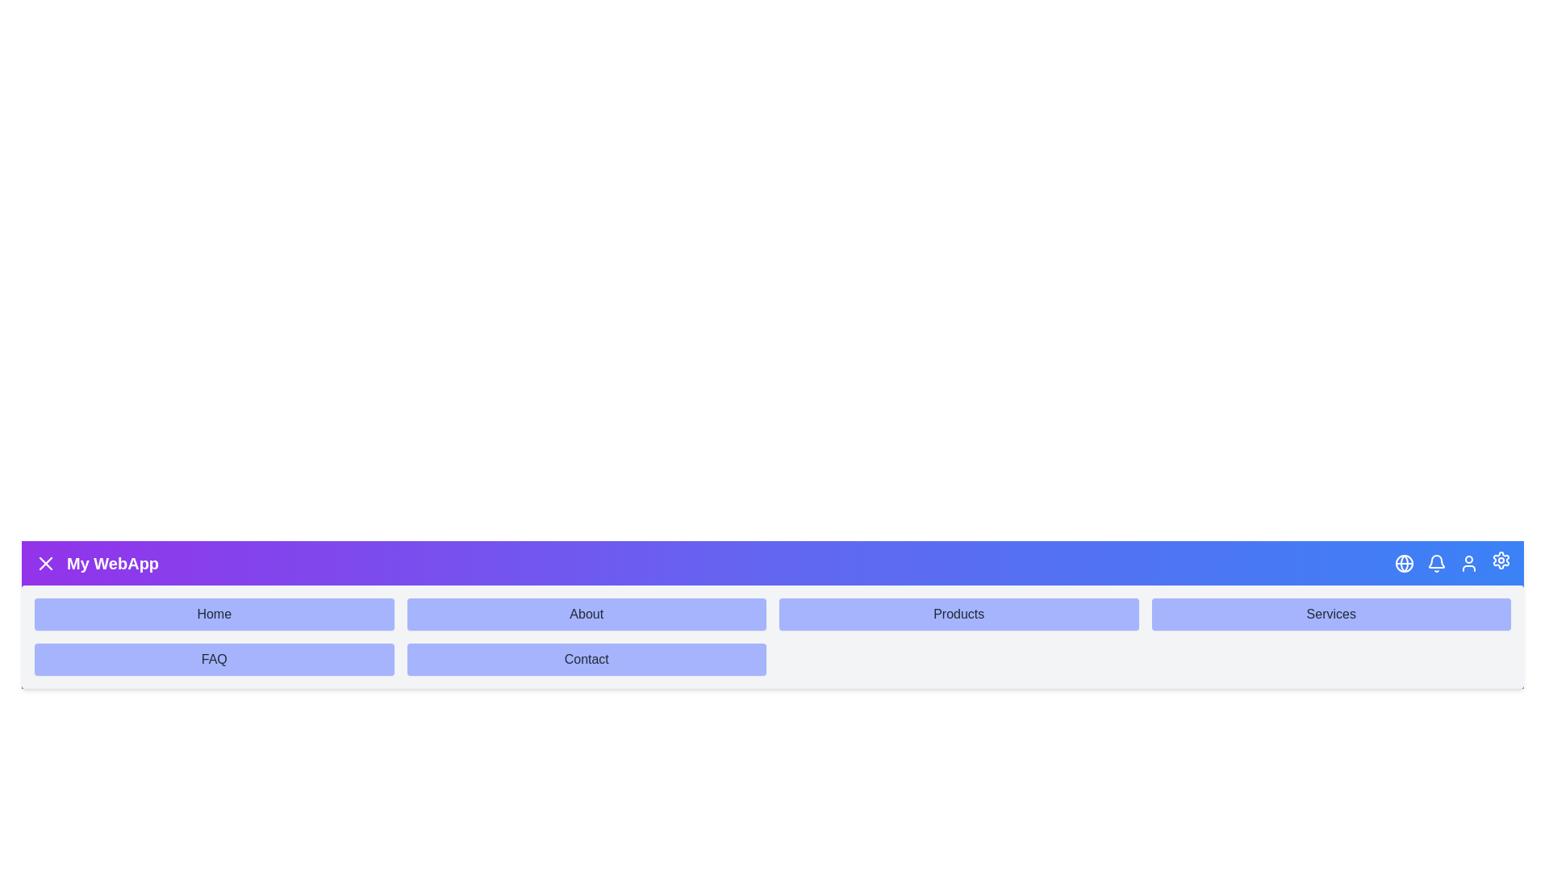  I want to click on the Notifications button in the header, so click(1436, 562).